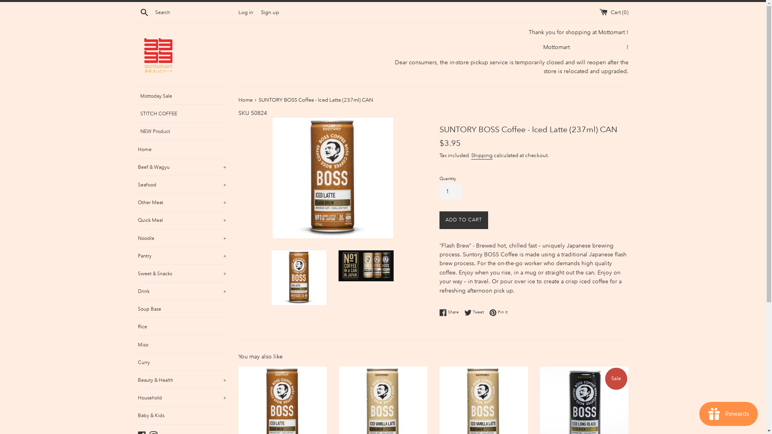  I want to click on 'Other Meat, so click(181, 202).